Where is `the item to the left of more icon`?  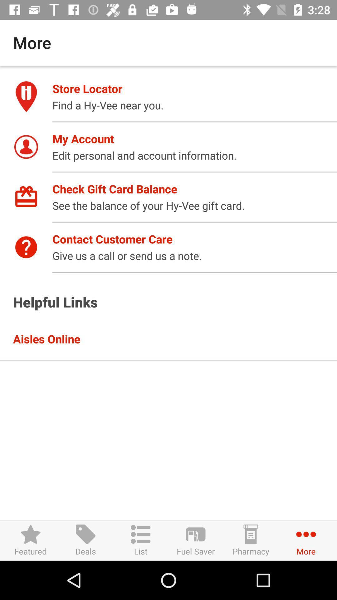 the item to the left of more icon is located at coordinates (250, 540).